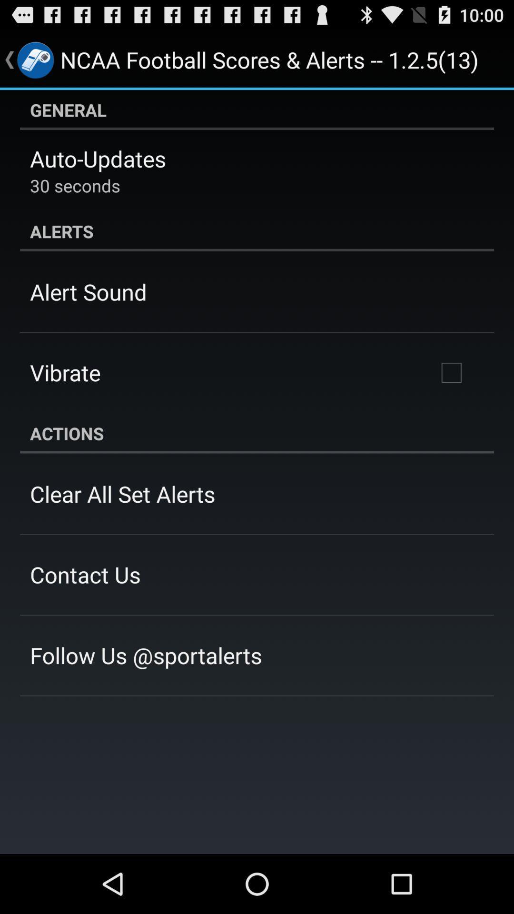  Describe the element at coordinates (98, 159) in the screenshot. I see `the icon below the general icon` at that location.